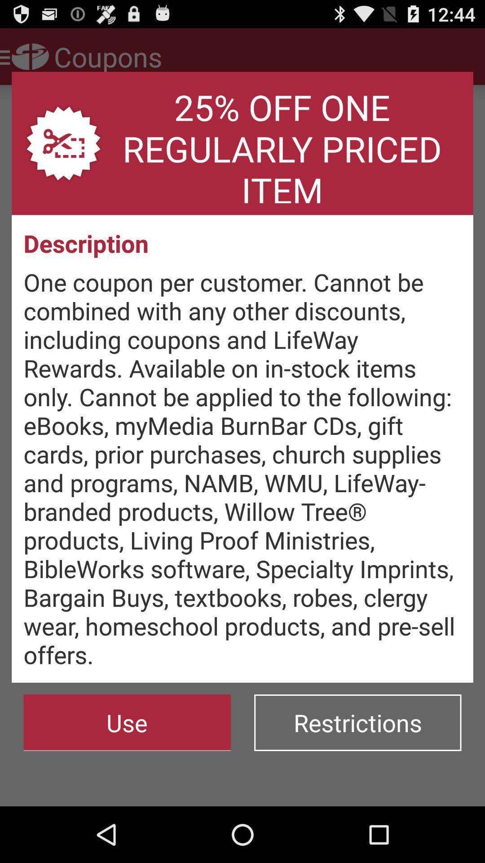 The image size is (485, 863). Describe the element at coordinates (127, 723) in the screenshot. I see `icon to the left of the restrictions` at that location.